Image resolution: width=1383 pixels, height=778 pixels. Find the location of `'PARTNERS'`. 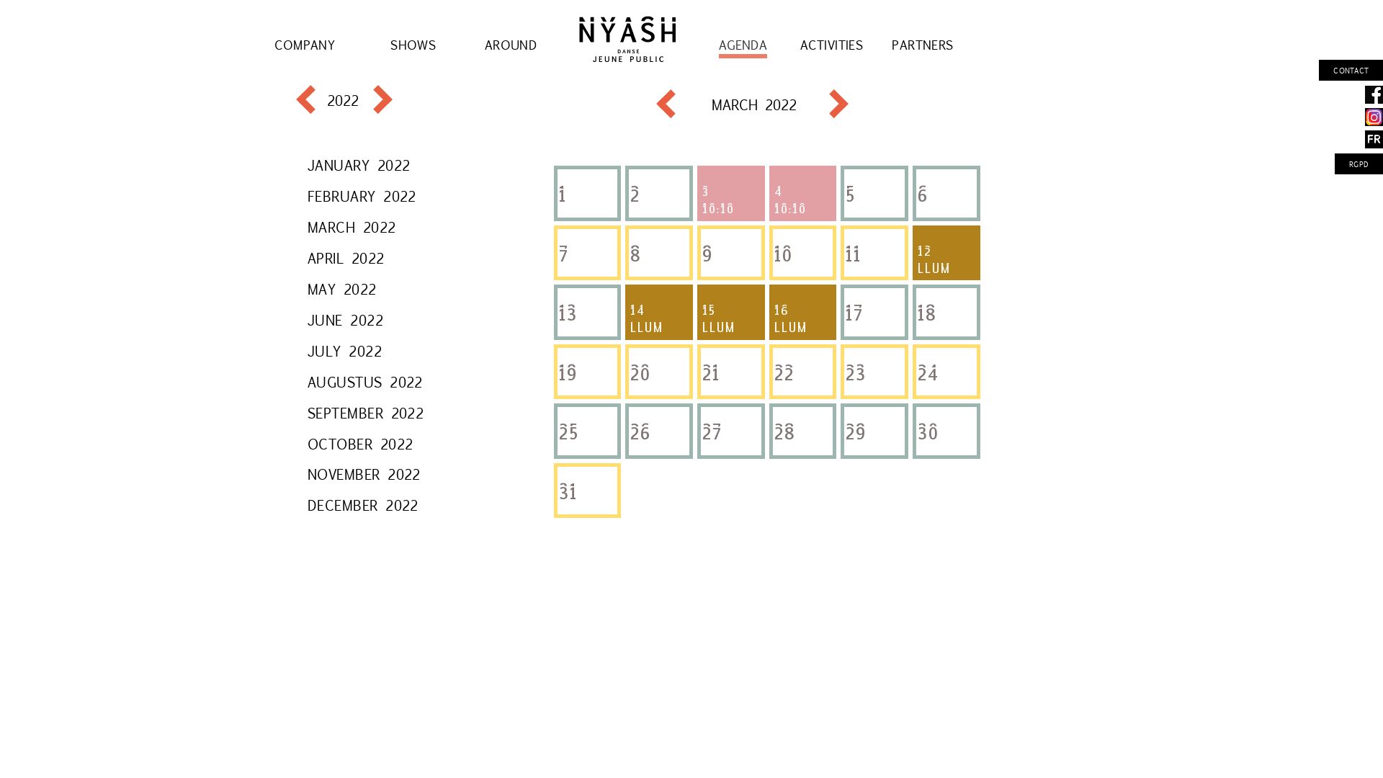

'PARTNERS' is located at coordinates (922, 43).